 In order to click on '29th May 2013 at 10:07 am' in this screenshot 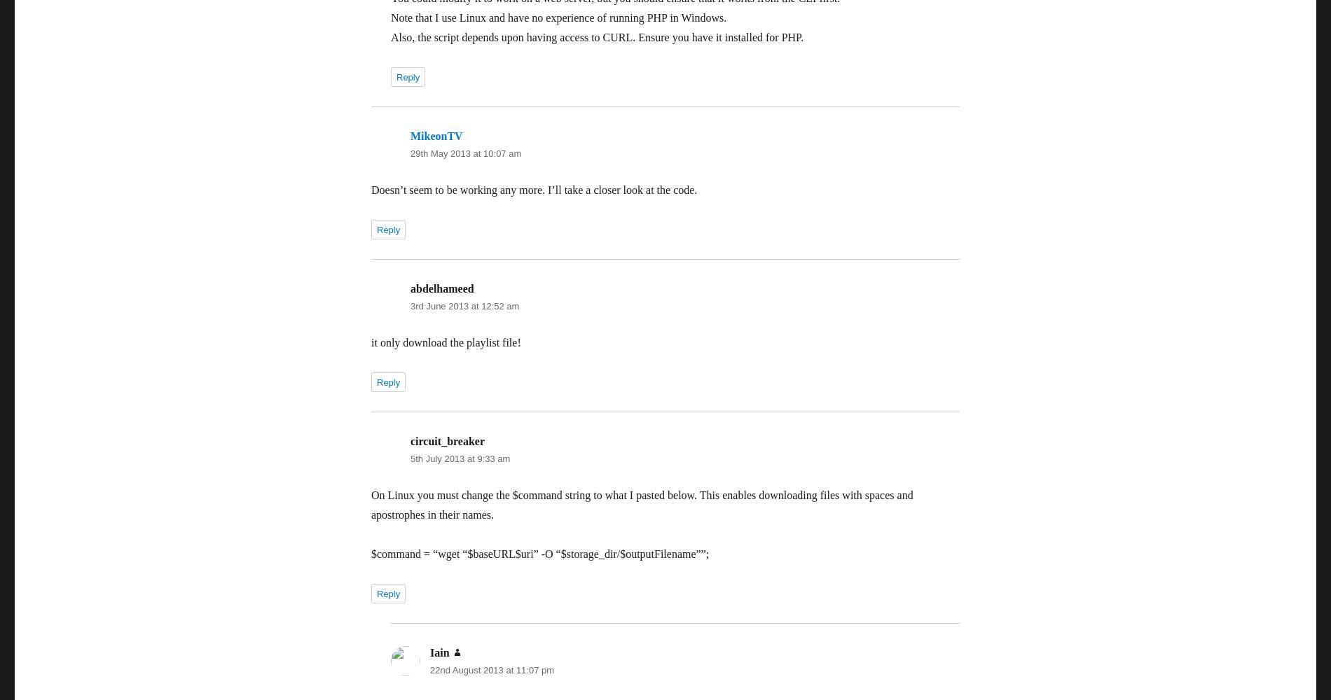, I will do `click(466, 153)`.